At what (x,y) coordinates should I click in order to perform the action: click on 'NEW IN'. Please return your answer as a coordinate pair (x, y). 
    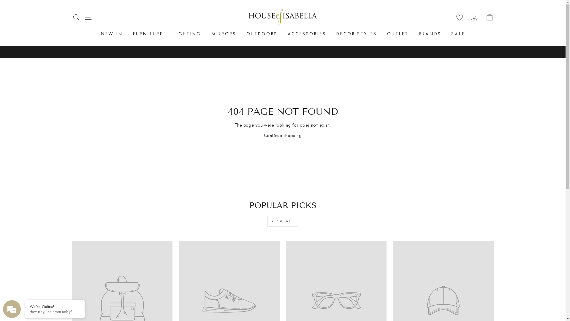
    Looking at the image, I should click on (111, 34).